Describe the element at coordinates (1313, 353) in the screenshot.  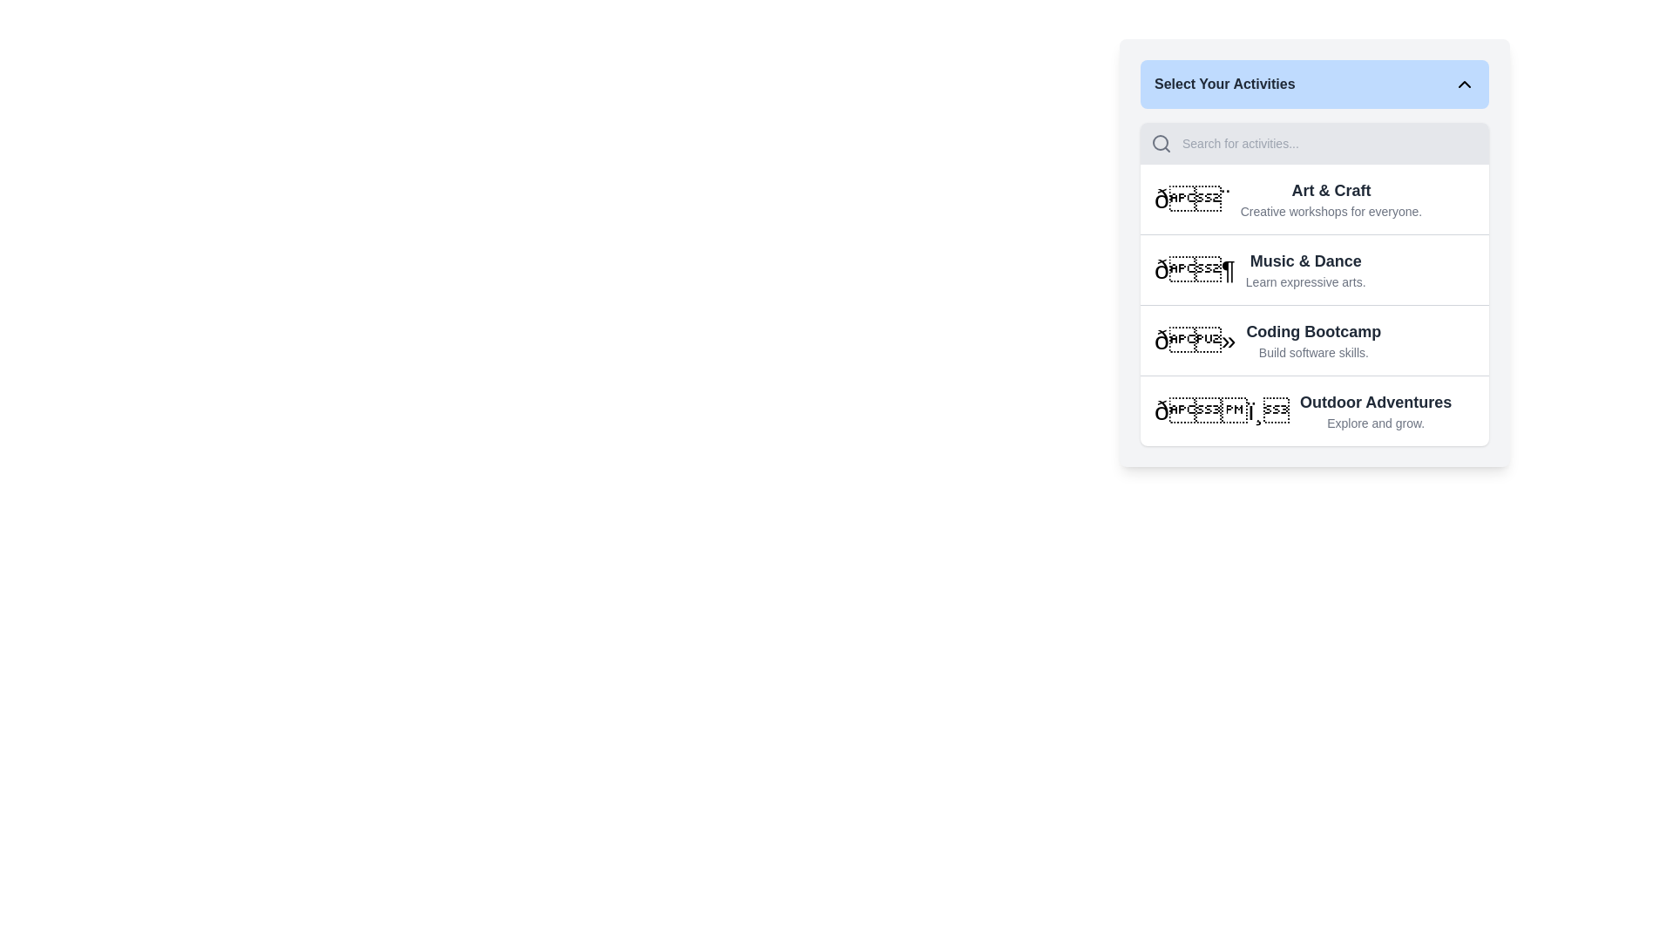
I see `the text label 'Build software skills.' which is styled with a smaller gray font and located below the 'Coding Bootcamp' heading` at that location.